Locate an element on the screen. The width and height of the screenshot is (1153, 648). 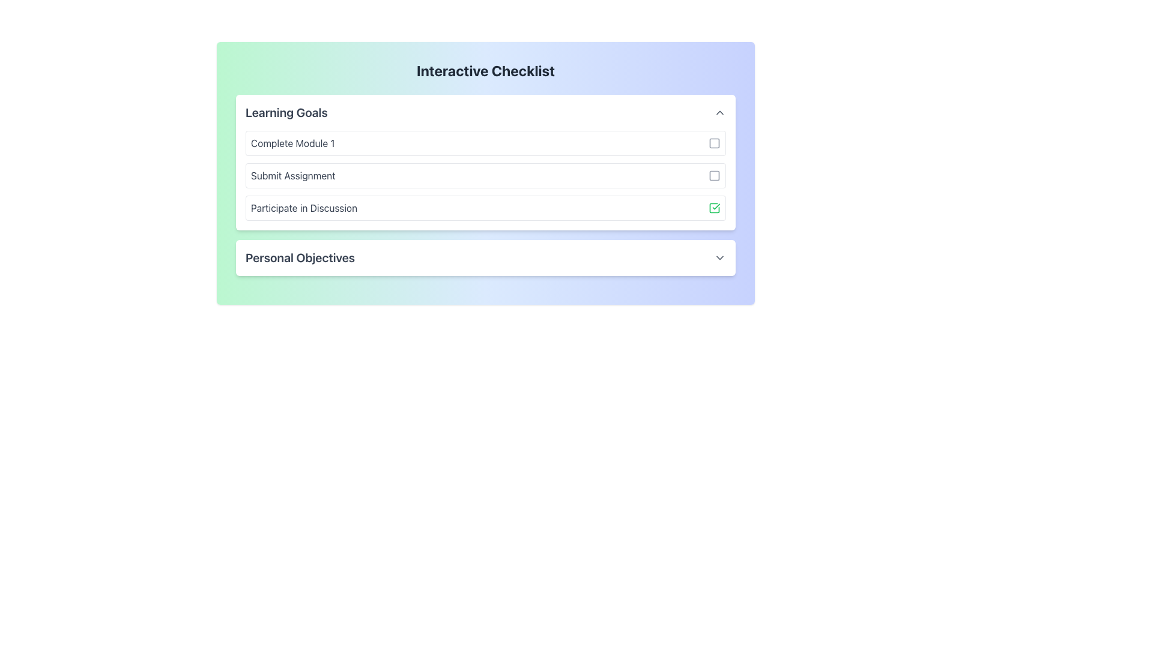
an individual item in the checklist under the 'Learning Goals' section to track progress is located at coordinates (486, 180).